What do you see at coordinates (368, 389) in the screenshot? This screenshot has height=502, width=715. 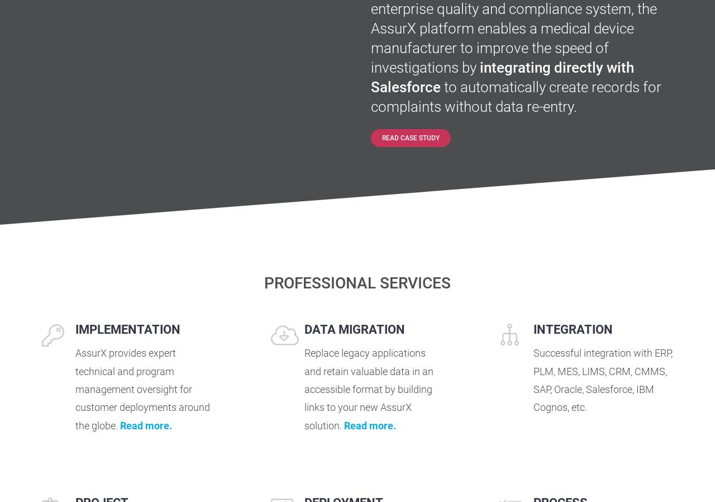 I see `'Replace legacy applications and retain valuable data in an accessible format by building links to your new AssurX solution.'` at bounding box center [368, 389].